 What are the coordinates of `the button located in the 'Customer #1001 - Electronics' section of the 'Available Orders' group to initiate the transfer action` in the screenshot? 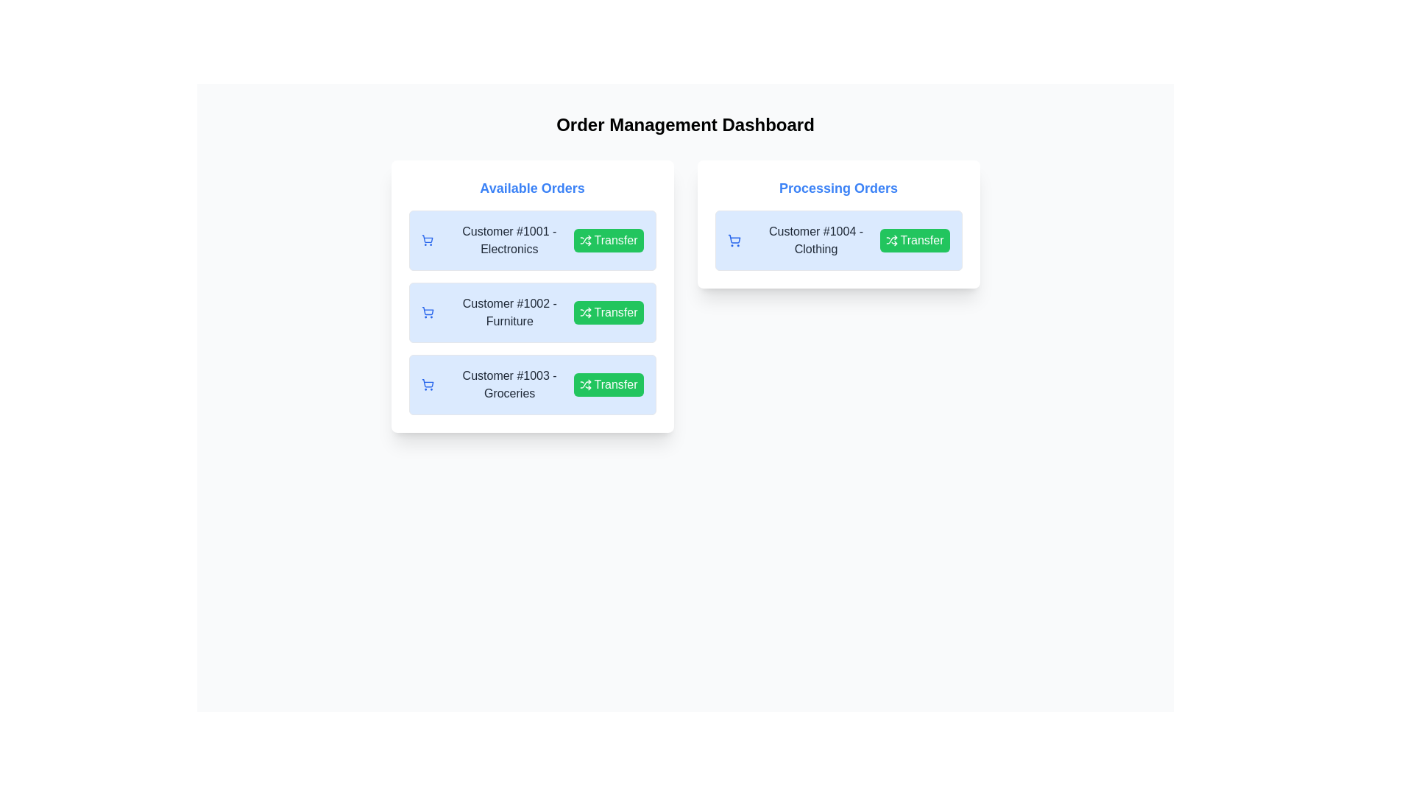 It's located at (608, 240).